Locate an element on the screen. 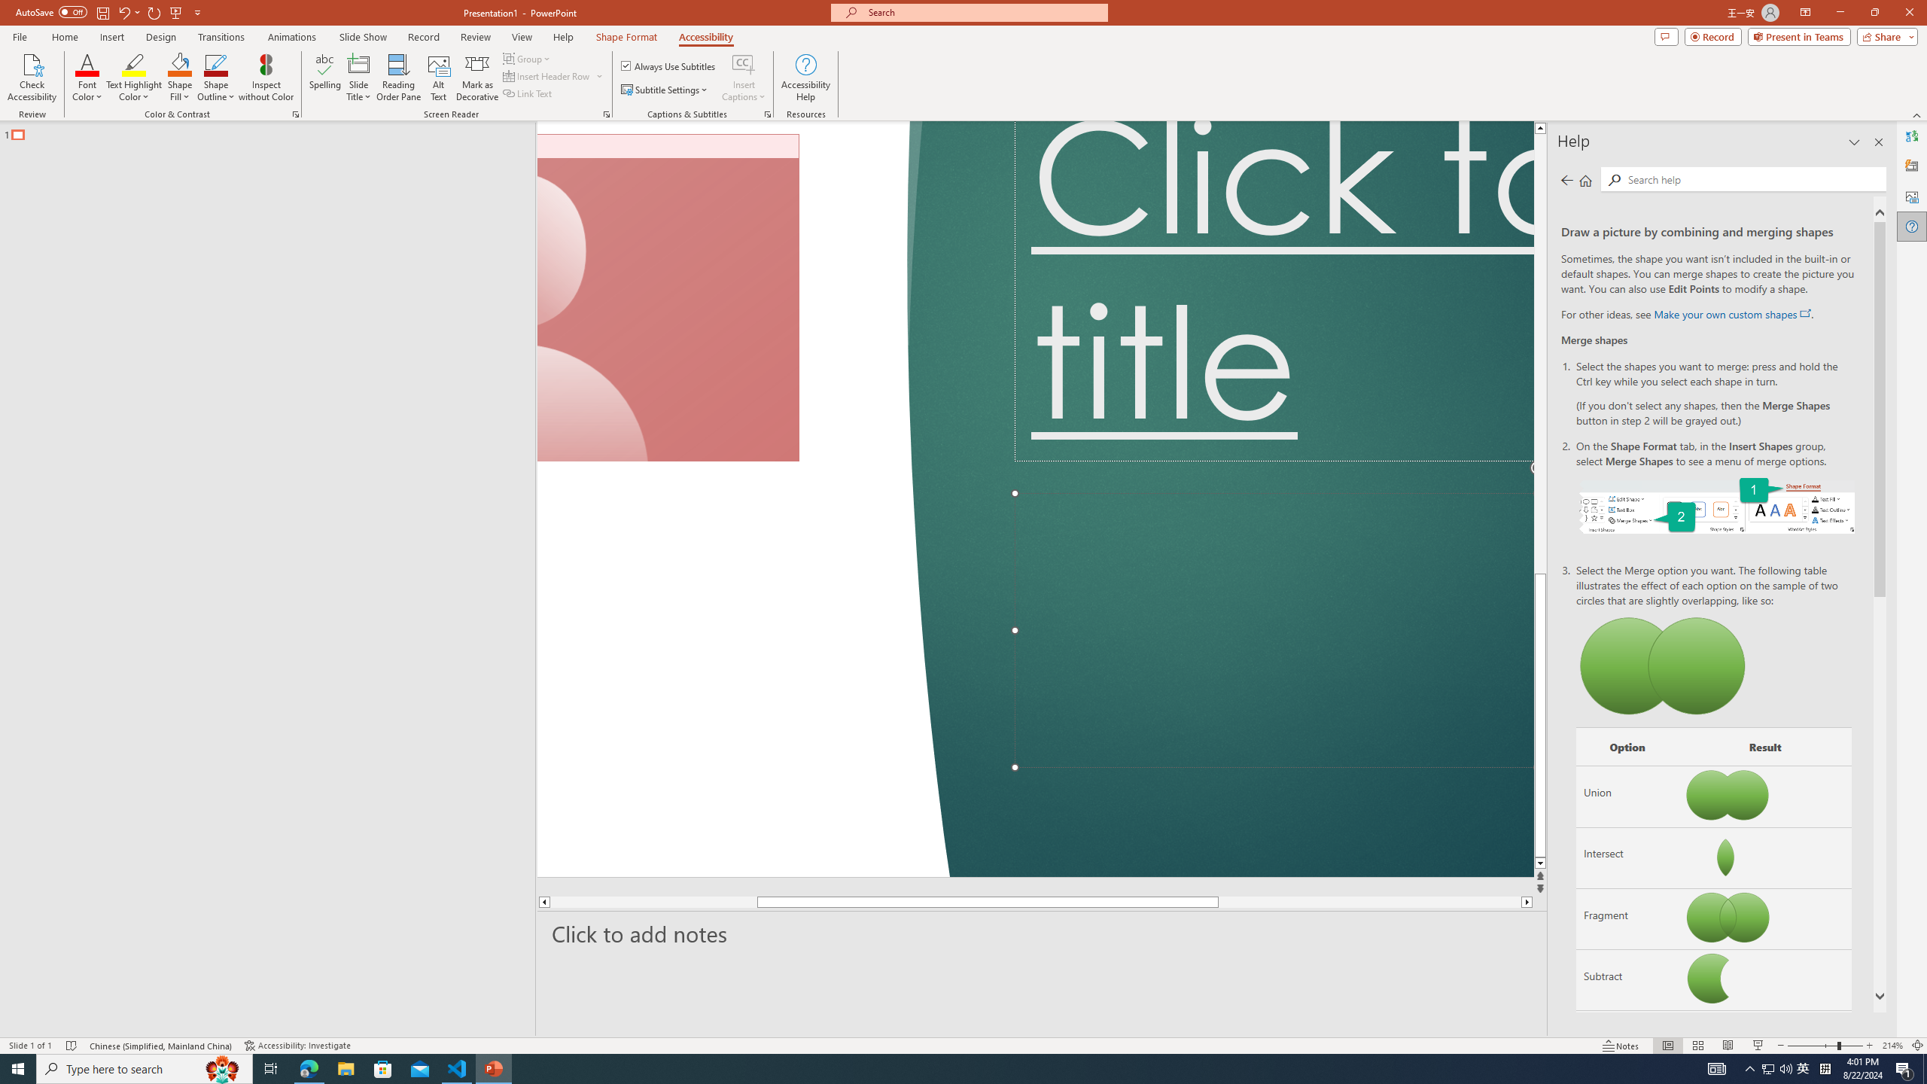 The image size is (1927, 1084). 'Intersect' is located at coordinates (1626, 857).